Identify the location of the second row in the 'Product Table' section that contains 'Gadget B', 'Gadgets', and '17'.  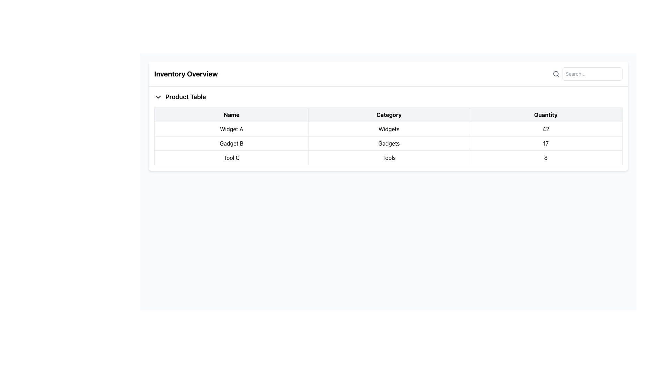
(388, 143).